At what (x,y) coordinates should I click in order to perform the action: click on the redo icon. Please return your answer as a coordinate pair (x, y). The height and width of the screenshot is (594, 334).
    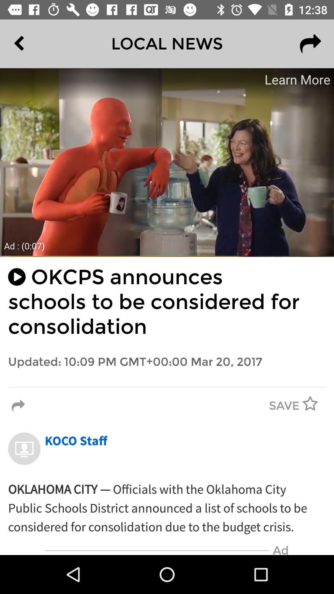
    Looking at the image, I should click on (310, 43).